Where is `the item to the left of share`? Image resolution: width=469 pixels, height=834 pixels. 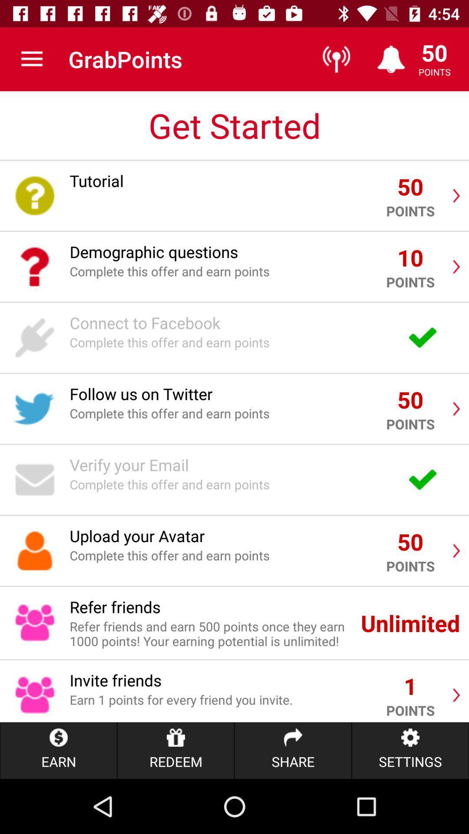 the item to the left of share is located at coordinates (176, 750).